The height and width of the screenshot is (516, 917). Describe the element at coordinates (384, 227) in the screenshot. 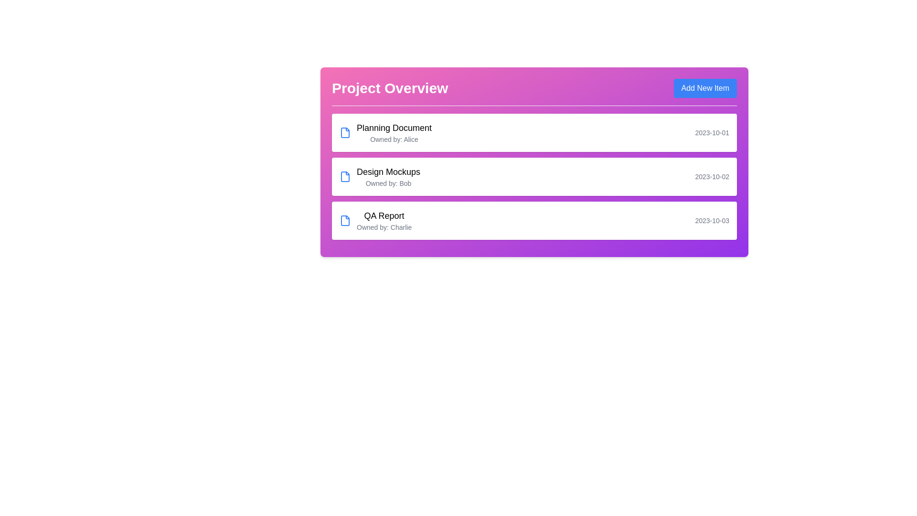

I see `ownership information from the text label displaying 'Owned by: Charlie', which is styled in a smaller gray font and positioned under the bold title 'QA Report'` at that location.